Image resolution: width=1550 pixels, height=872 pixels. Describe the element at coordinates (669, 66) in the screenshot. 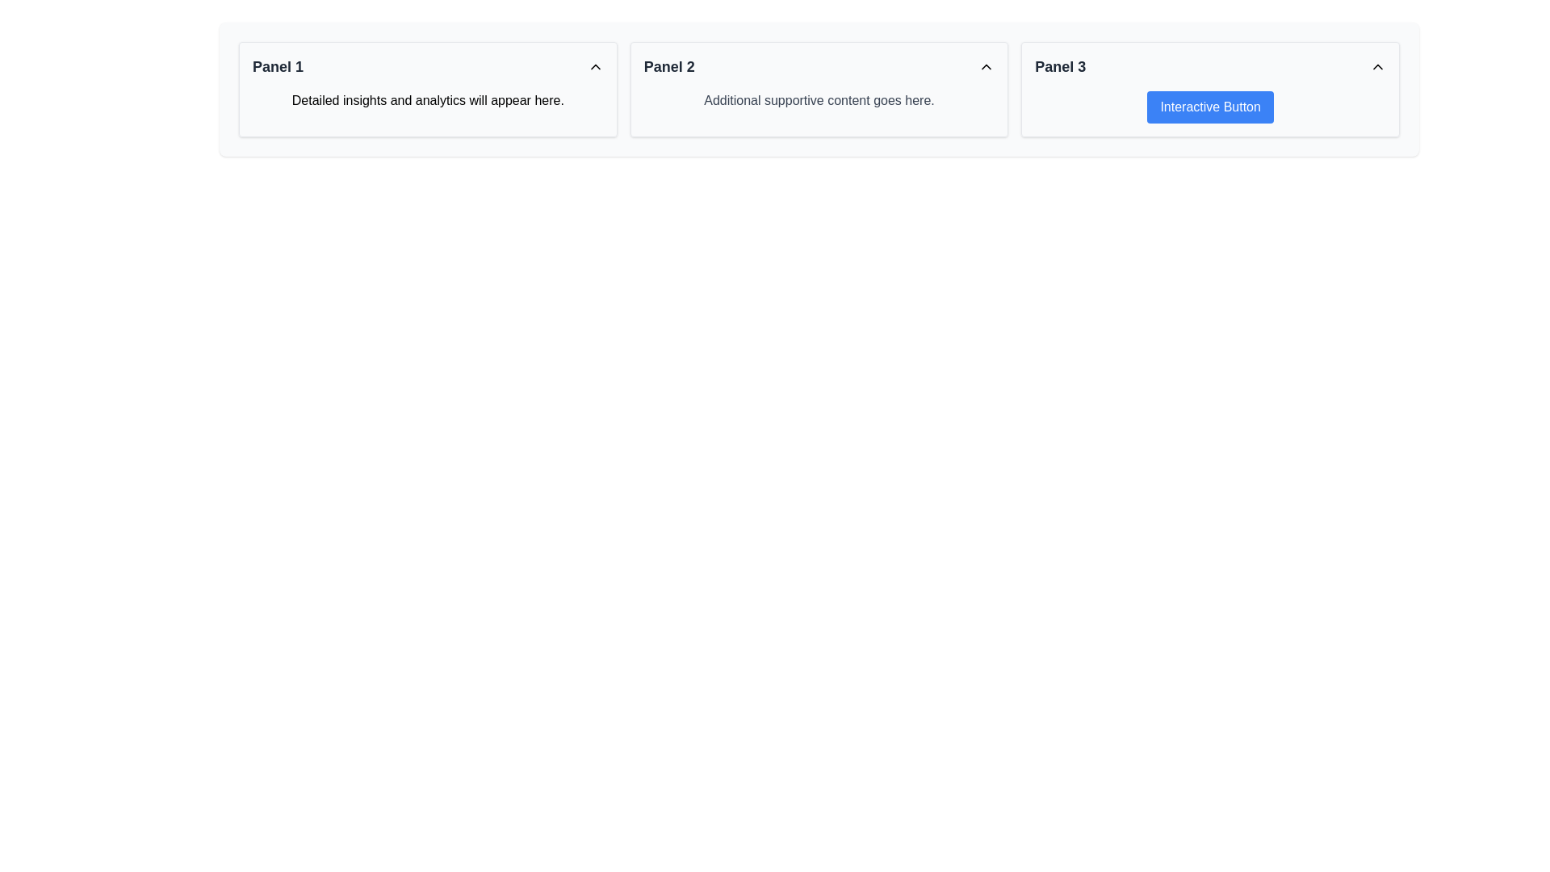

I see `the text label displaying 'Panel 2' in bold, large font located at the top center of the interface` at that location.